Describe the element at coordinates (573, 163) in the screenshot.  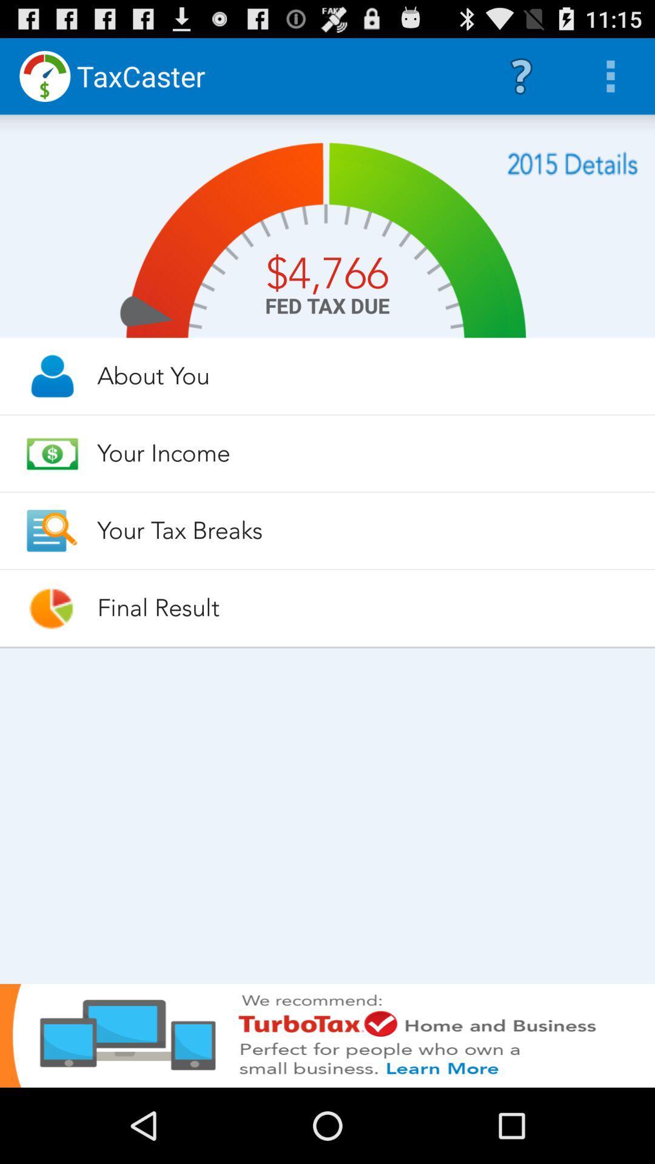
I see `the app above the about you` at that location.